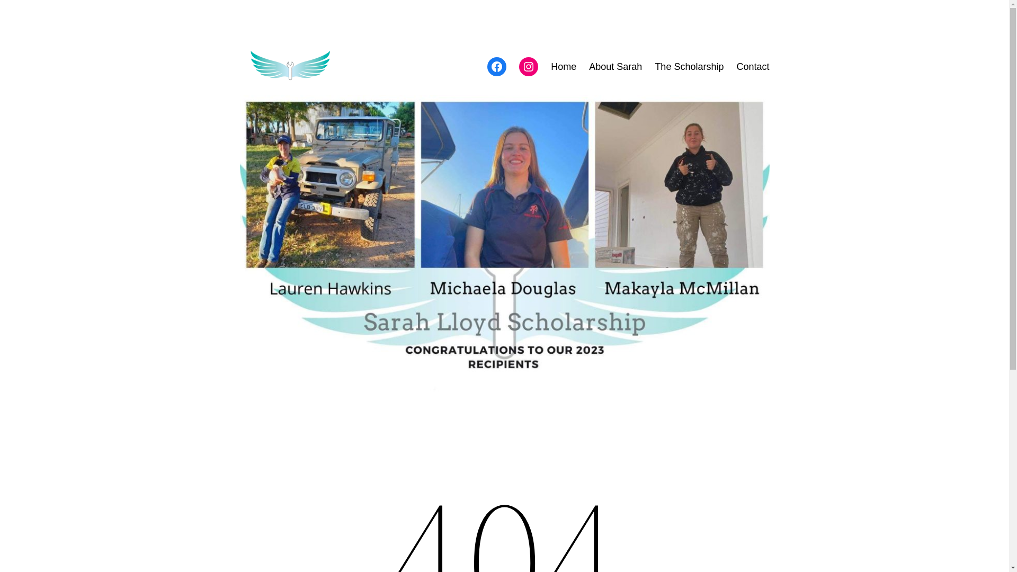  I want to click on 'Home', so click(563, 67).